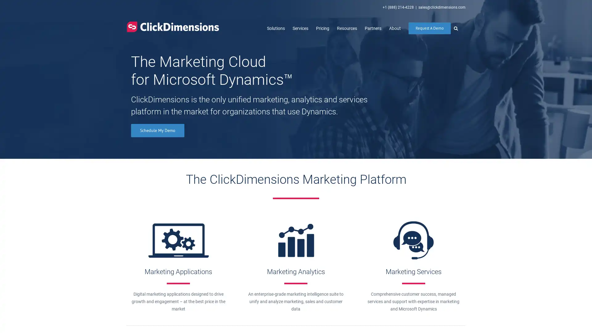  Describe the element at coordinates (456, 28) in the screenshot. I see `Search` at that location.